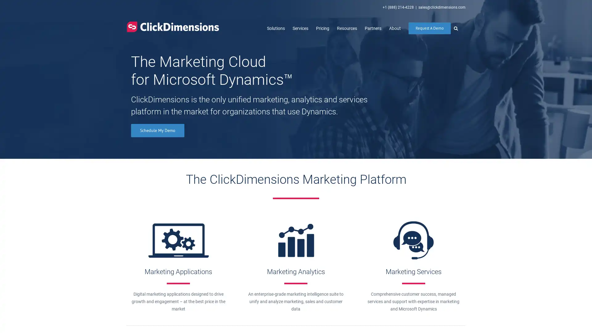  Describe the element at coordinates (456, 28) in the screenshot. I see `Search` at that location.